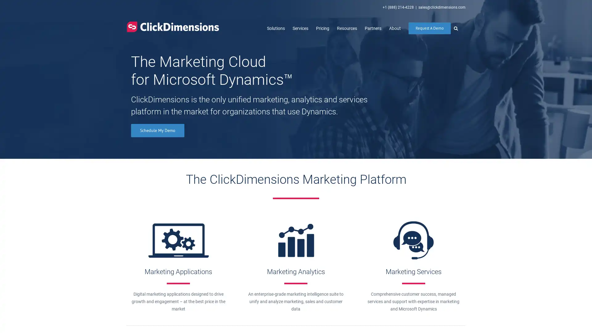  Describe the element at coordinates (456, 28) in the screenshot. I see `Search` at that location.